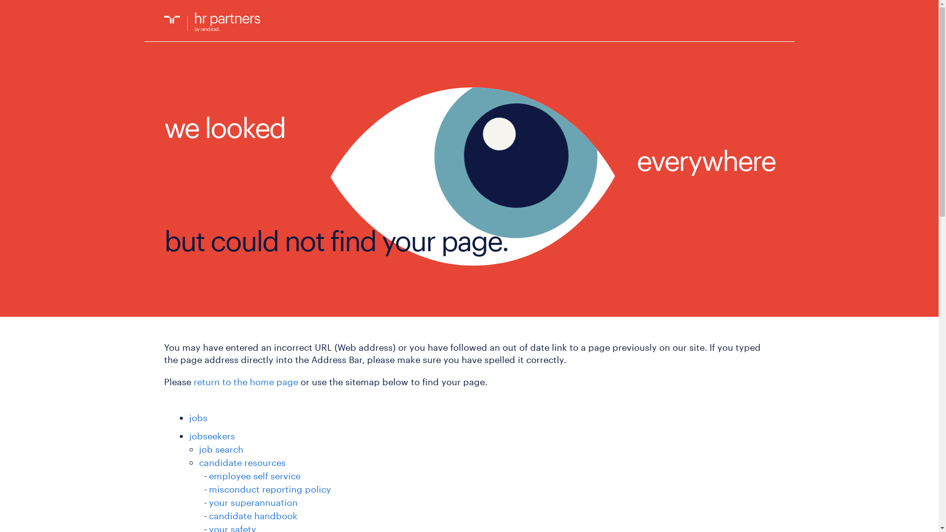 Image resolution: width=946 pixels, height=532 pixels. Describe the element at coordinates (208, 475) in the screenshot. I see `'employee self service'` at that location.